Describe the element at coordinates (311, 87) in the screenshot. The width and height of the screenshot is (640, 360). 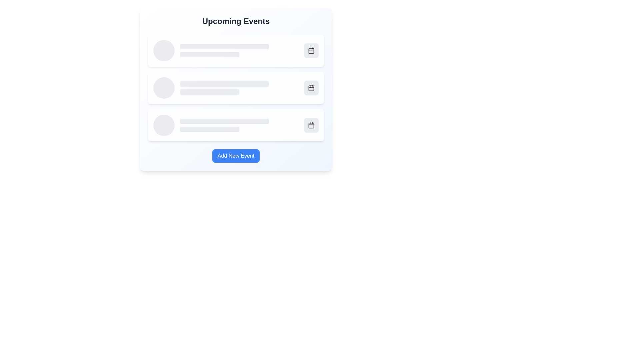
I see `the calendar icon located in the third row of the list on the right side` at that location.